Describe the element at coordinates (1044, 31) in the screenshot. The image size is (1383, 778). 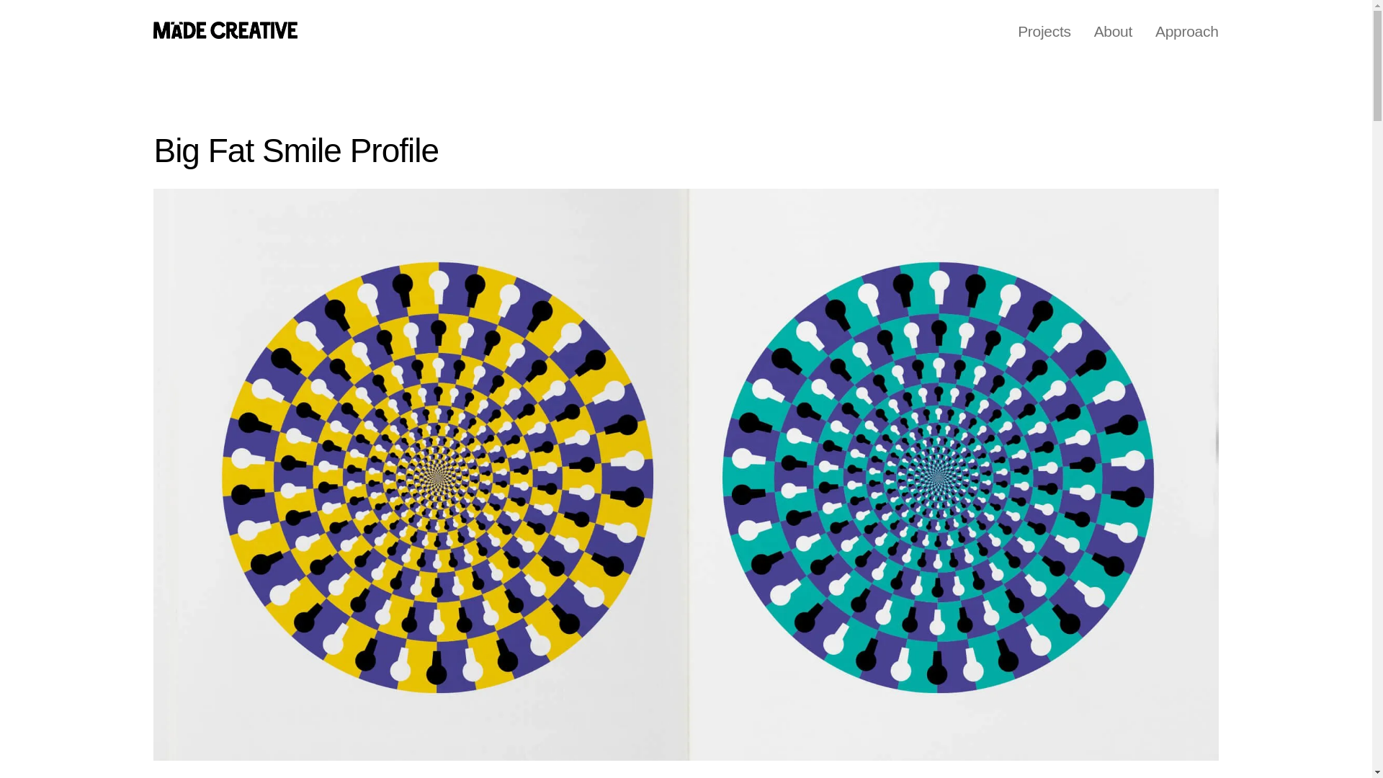
I see `'Projects'` at that location.